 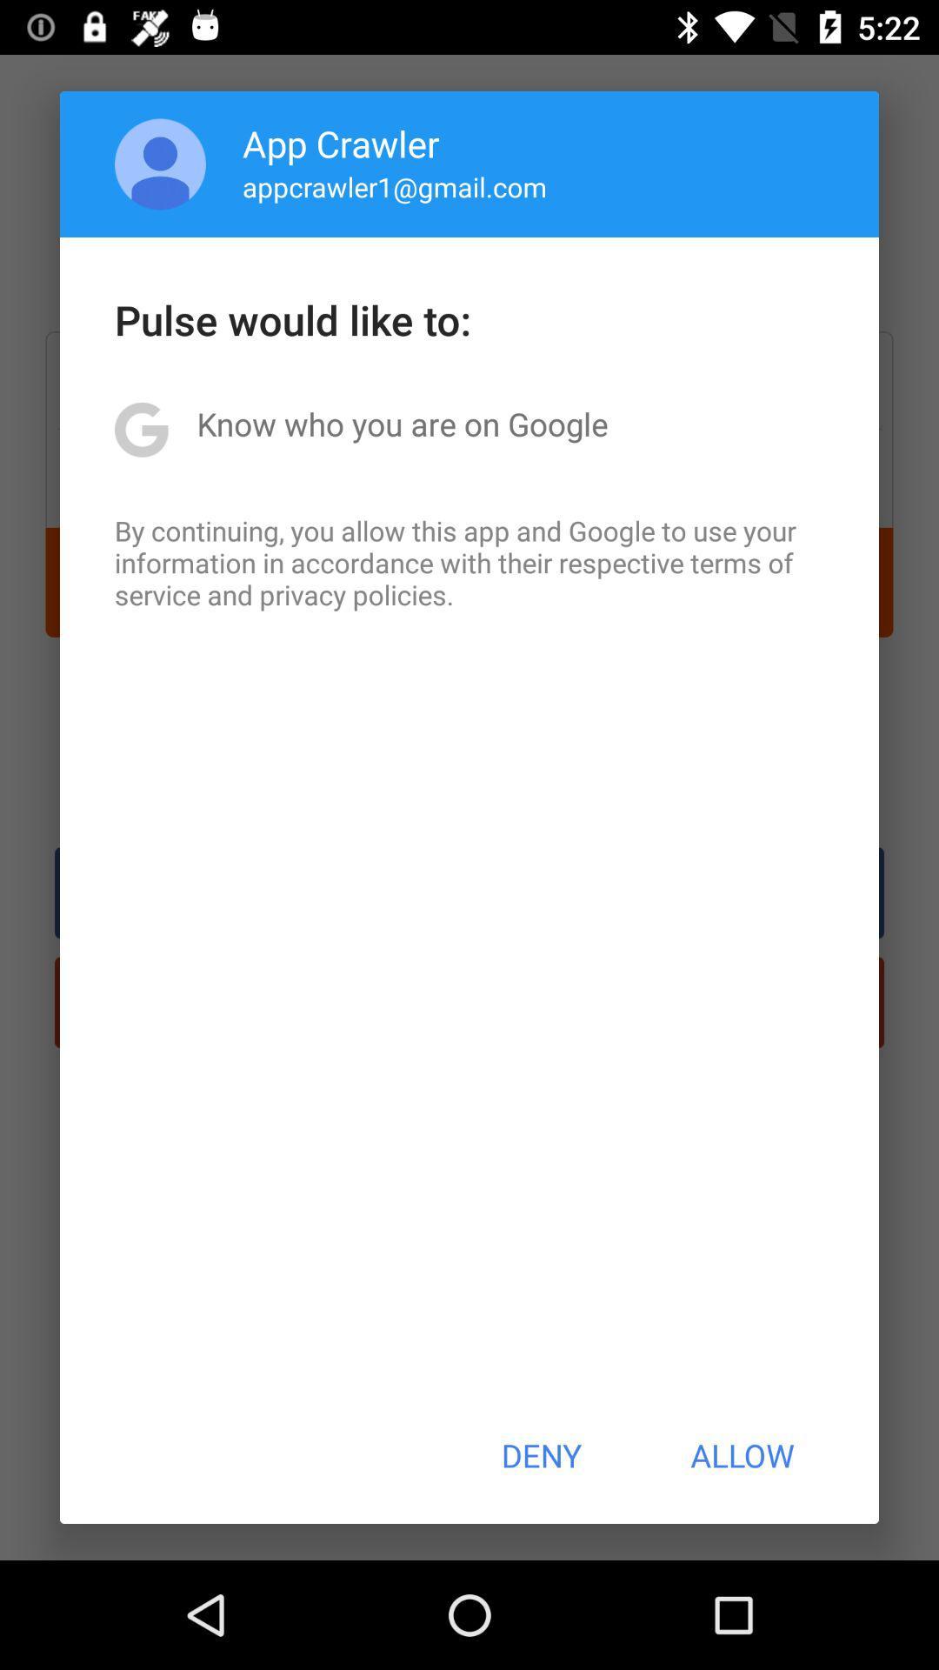 What do you see at coordinates (540, 1455) in the screenshot?
I see `the item to the left of allow button` at bounding box center [540, 1455].